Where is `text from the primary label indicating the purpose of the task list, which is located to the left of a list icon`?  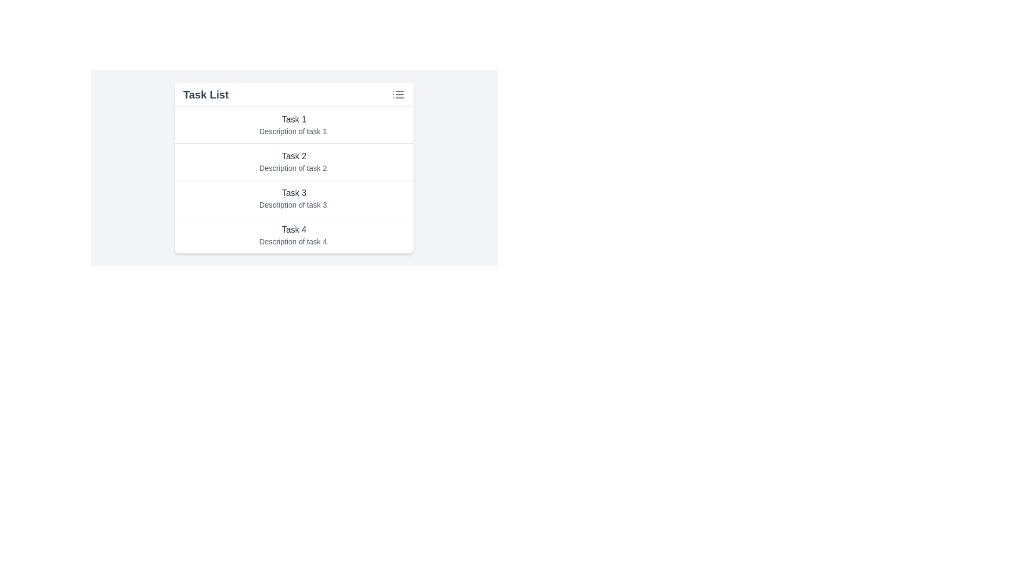 text from the primary label indicating the purpose of the task list, which is located to the left of a list icon is located at coordinates (206, 94).